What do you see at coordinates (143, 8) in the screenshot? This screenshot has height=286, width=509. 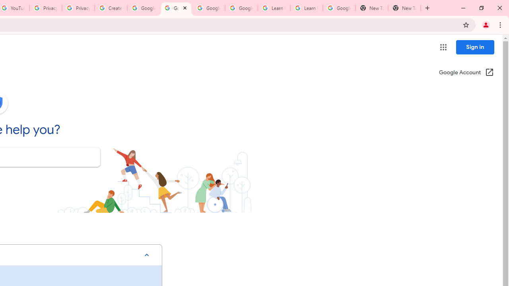 I see `'Google Account Help'` at bounding box center [143, 8].